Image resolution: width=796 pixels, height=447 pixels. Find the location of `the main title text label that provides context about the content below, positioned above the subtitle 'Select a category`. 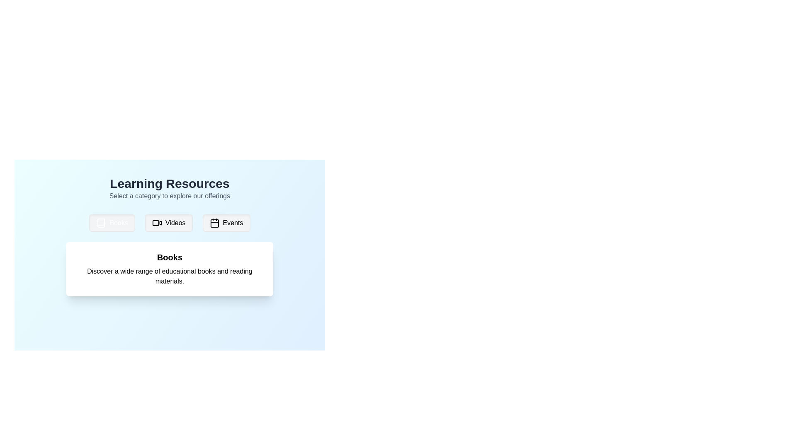

the main title text label that provides context about the content below, positioned above the subtitle 'Select a category is located at coordinates (169, 183).